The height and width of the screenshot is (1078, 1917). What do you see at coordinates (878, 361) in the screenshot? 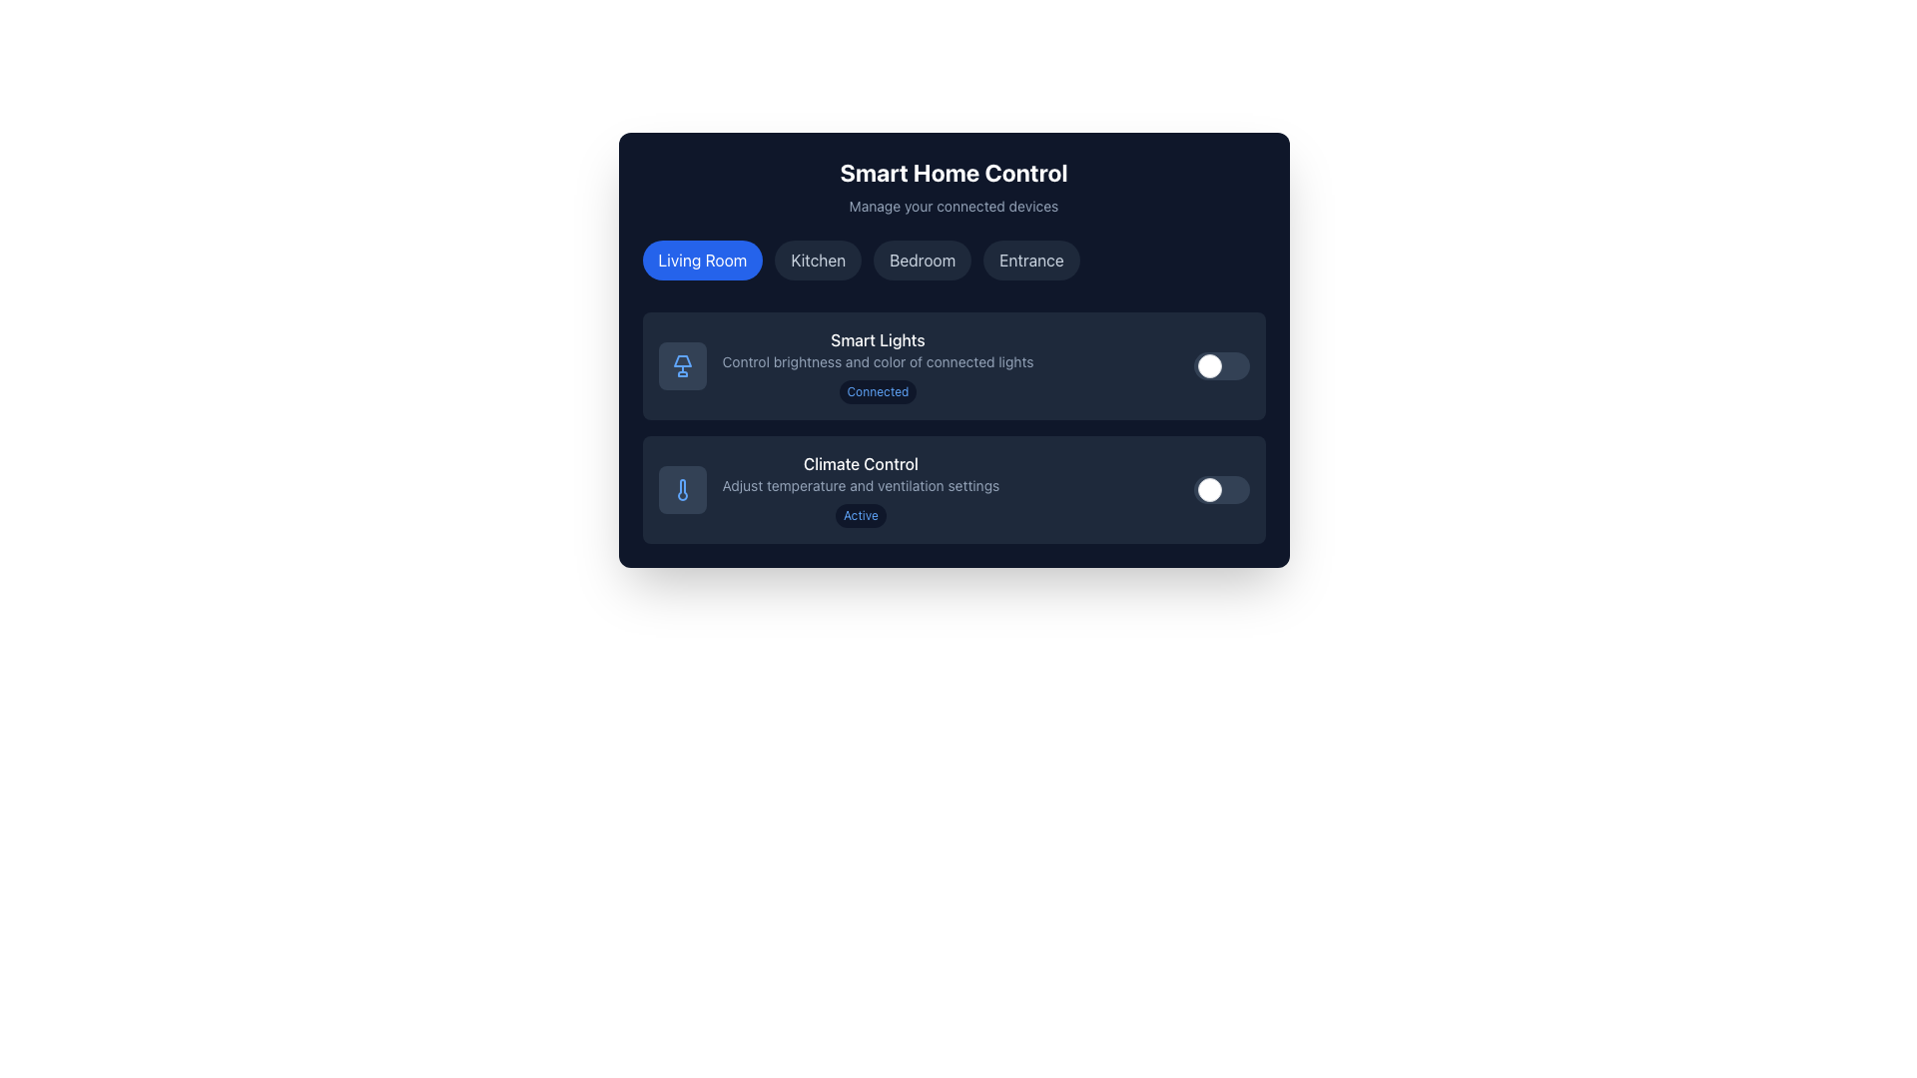
I see `the text label that reads 'Control brightness and color of connected lights.' styled in a muted slate-gray font, positioned under the title 'Smart Lights' in the smart home control interface` at bounding box center [878, 361].